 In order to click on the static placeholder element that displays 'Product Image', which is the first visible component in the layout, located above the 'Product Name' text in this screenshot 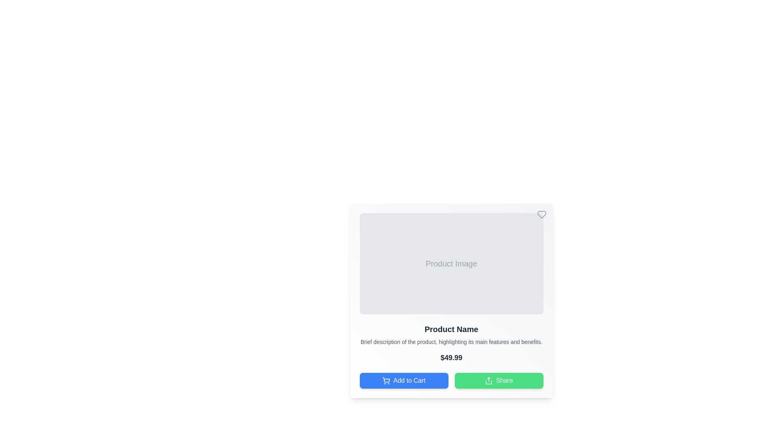, I will do `click(451, 264)`.